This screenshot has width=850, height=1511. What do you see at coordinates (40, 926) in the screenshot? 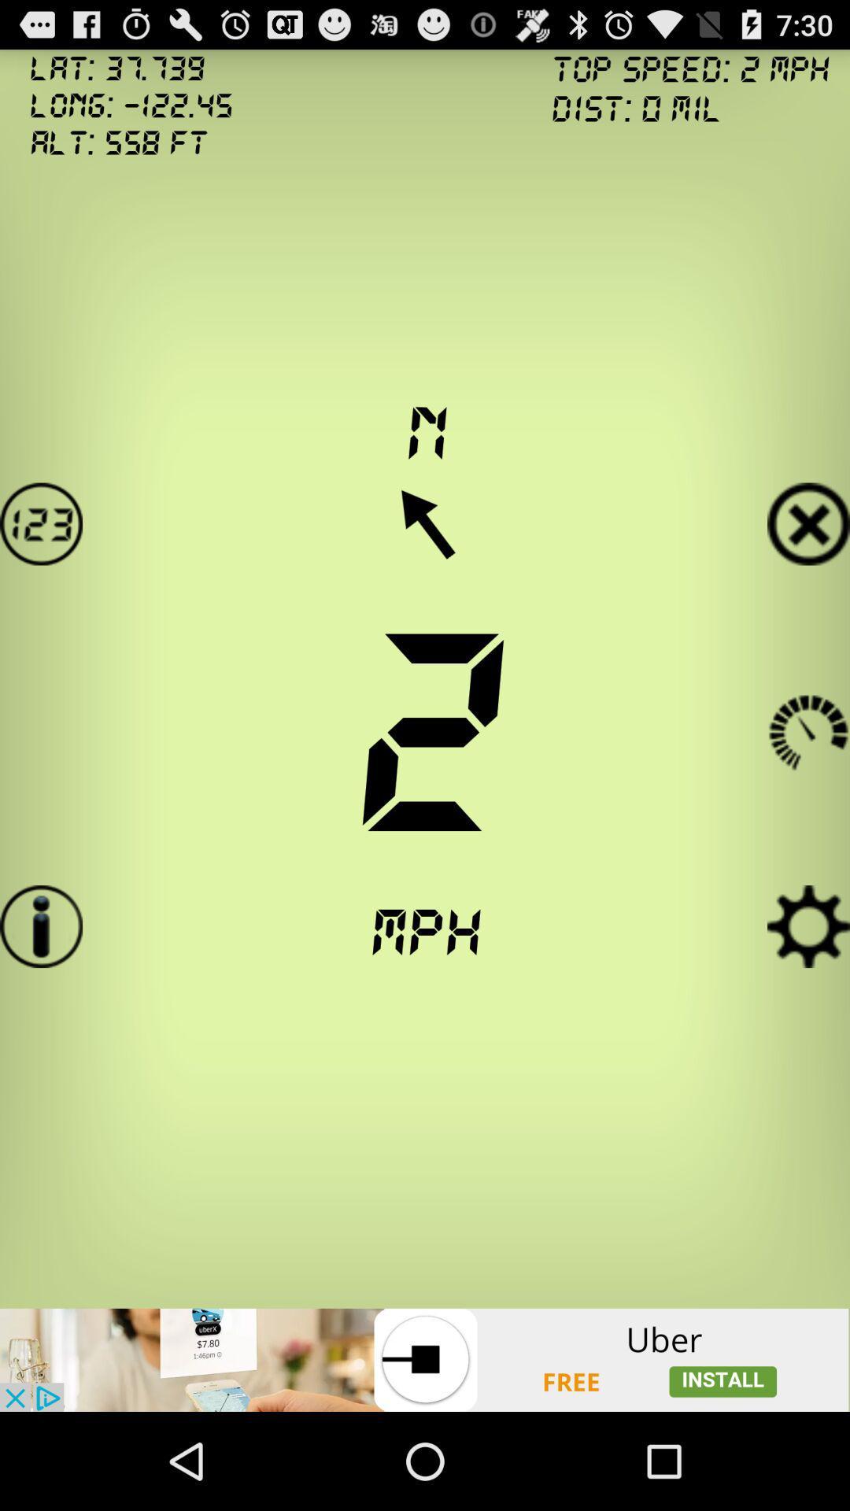
I see `information` at bounding box center [40, 926].